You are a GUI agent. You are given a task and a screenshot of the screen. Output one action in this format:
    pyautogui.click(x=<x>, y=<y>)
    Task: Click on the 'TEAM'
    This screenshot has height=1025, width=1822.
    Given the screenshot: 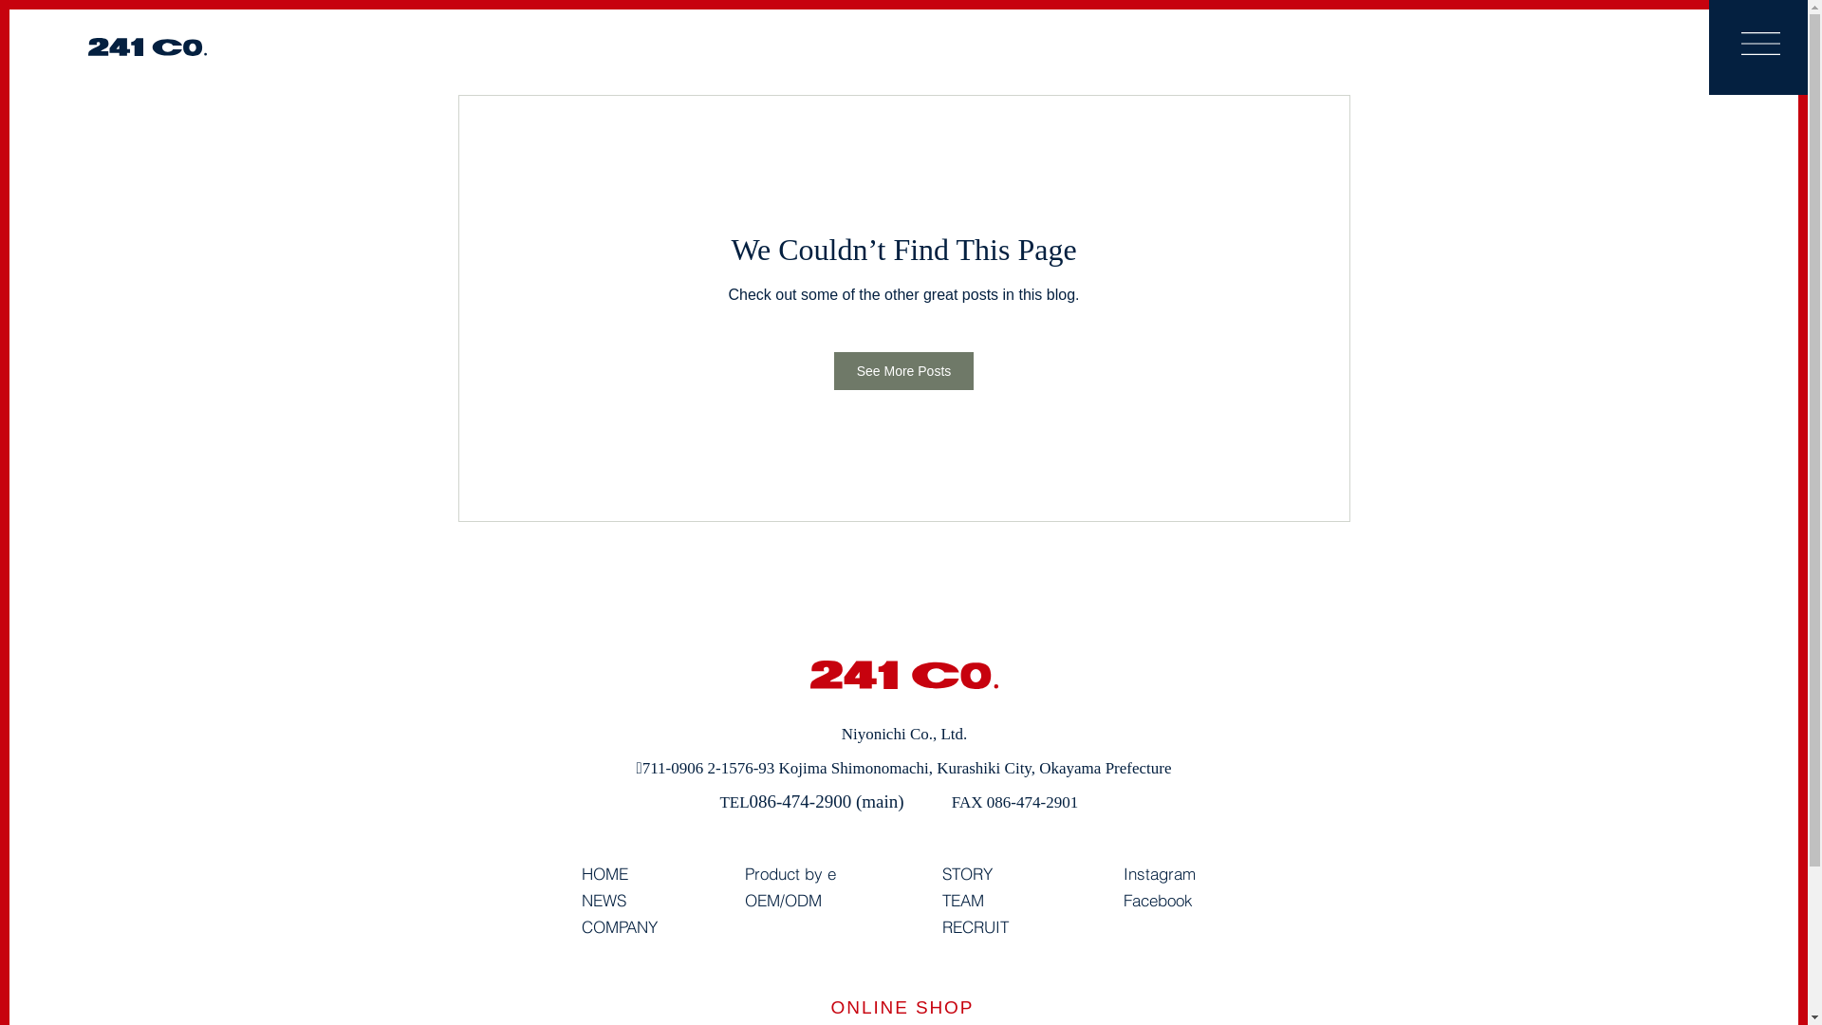 What is the action you would take?
    pyautogui.click(x=941, y=900)
    